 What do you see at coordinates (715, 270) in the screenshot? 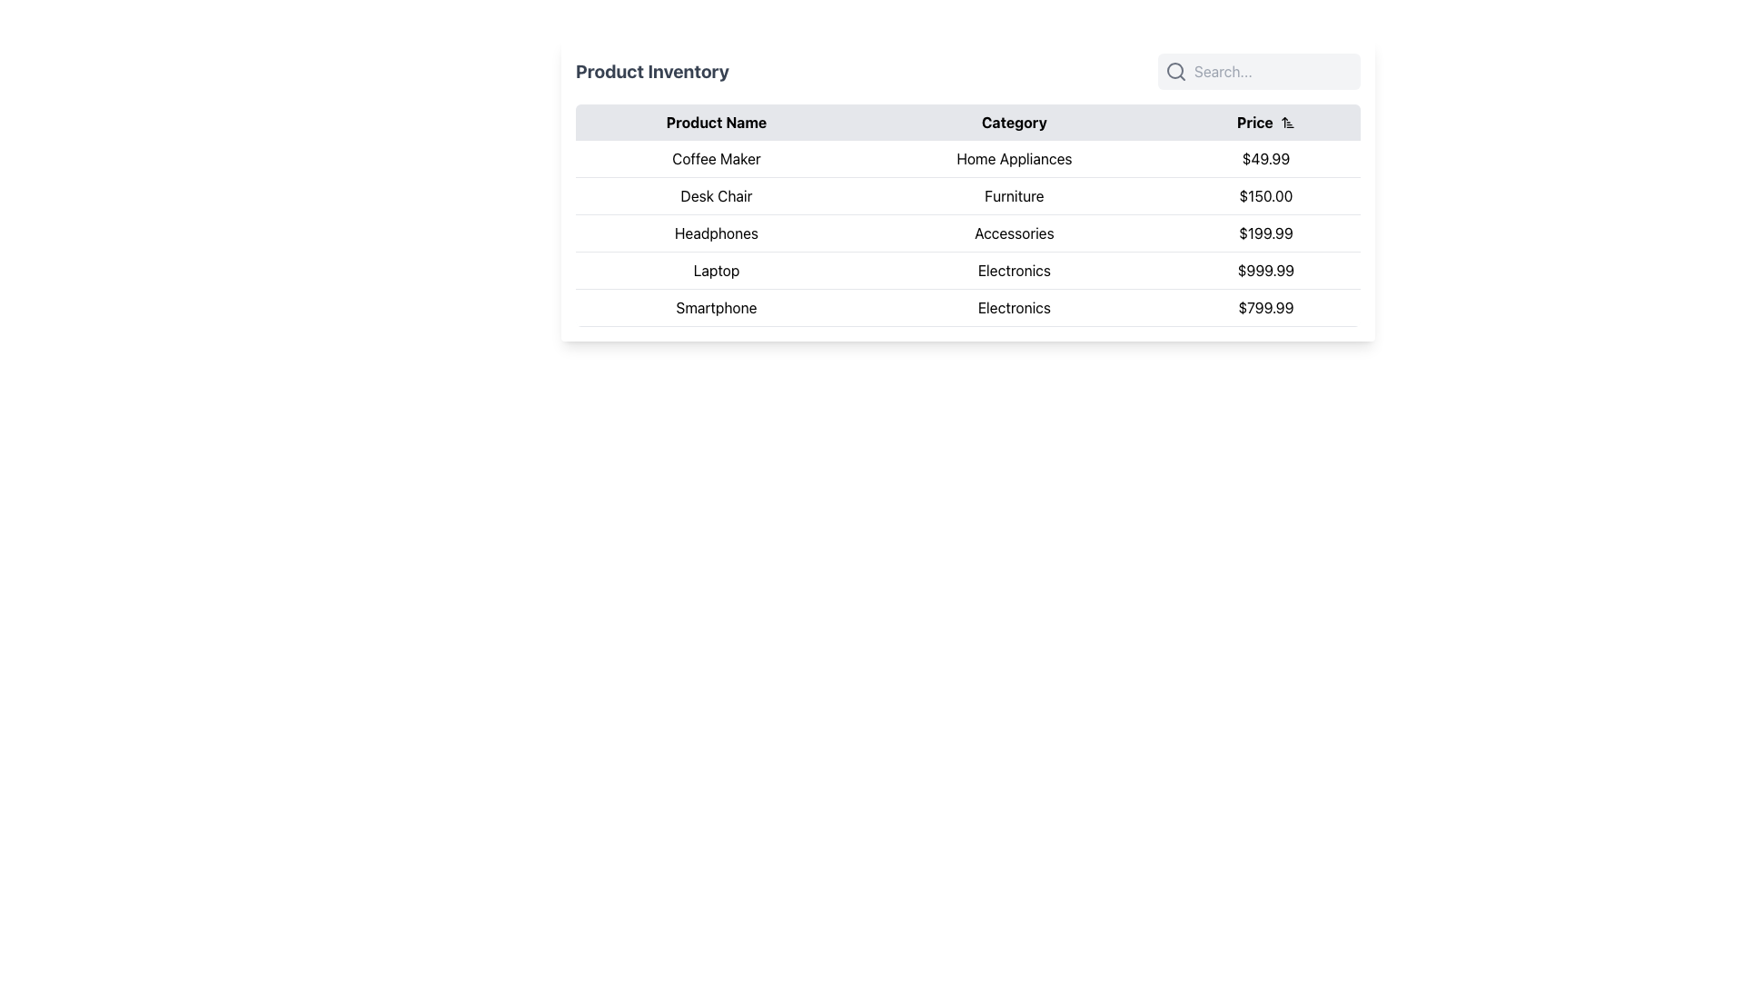
I see `the label for the product 'Laptop' located in the second row of the inventory table under 'Product Name'` at bounding box center [715, 270].